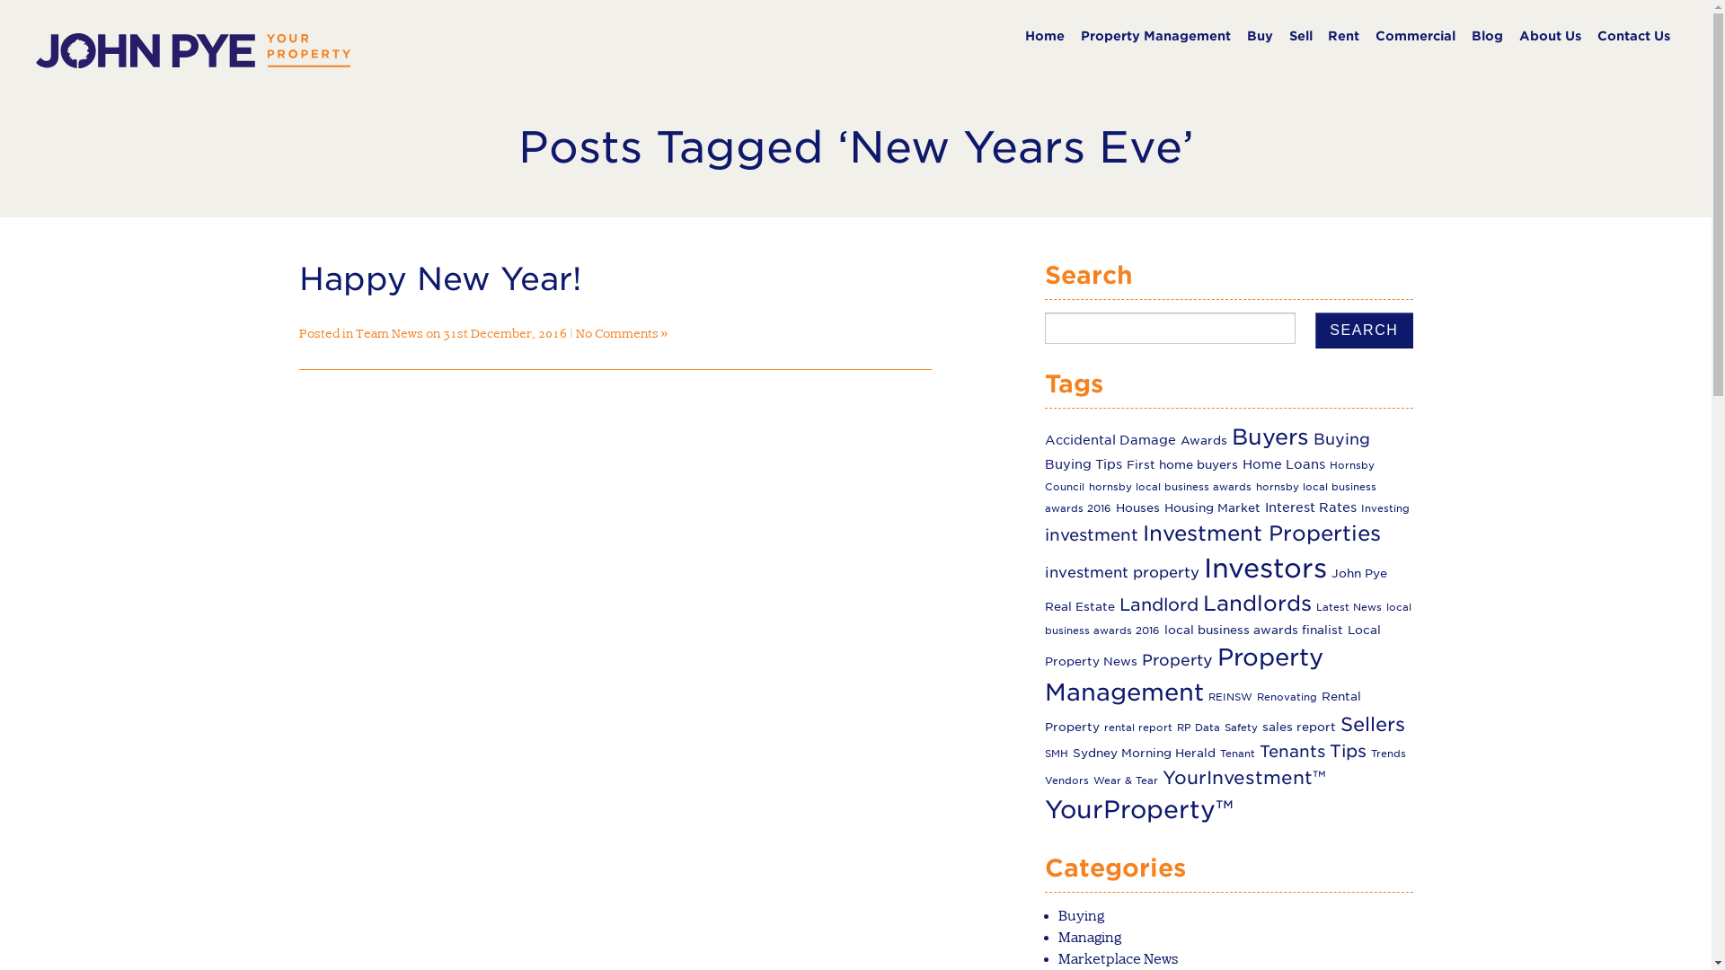  What do you see at coordinates (1286, 696) in the screenshot?
I see `'Renovating'` at bounding box center [1286, 696].